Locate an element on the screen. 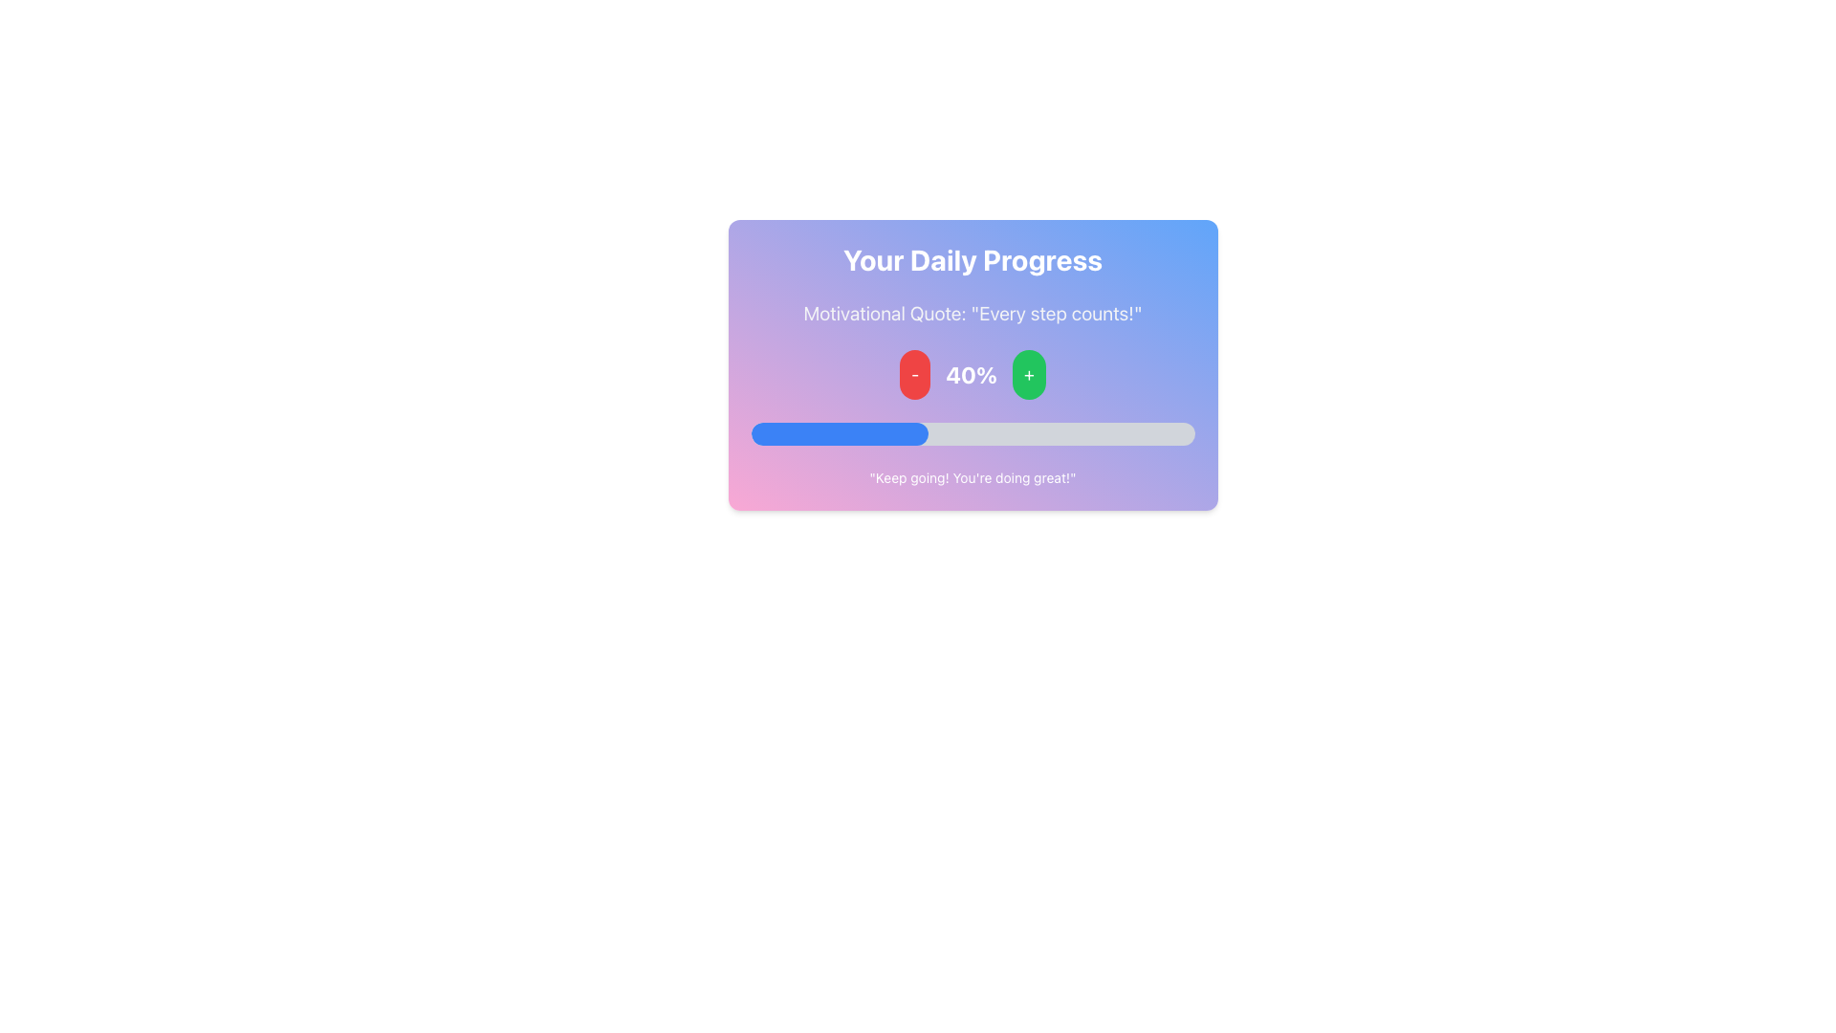 Image resolution: width=1836 pixels, height=1033 pixels. the motivational quote text element that is located below the 'Your Daily Progress' heading and above the progress manipulation controls is located at coordinates (973, 312).